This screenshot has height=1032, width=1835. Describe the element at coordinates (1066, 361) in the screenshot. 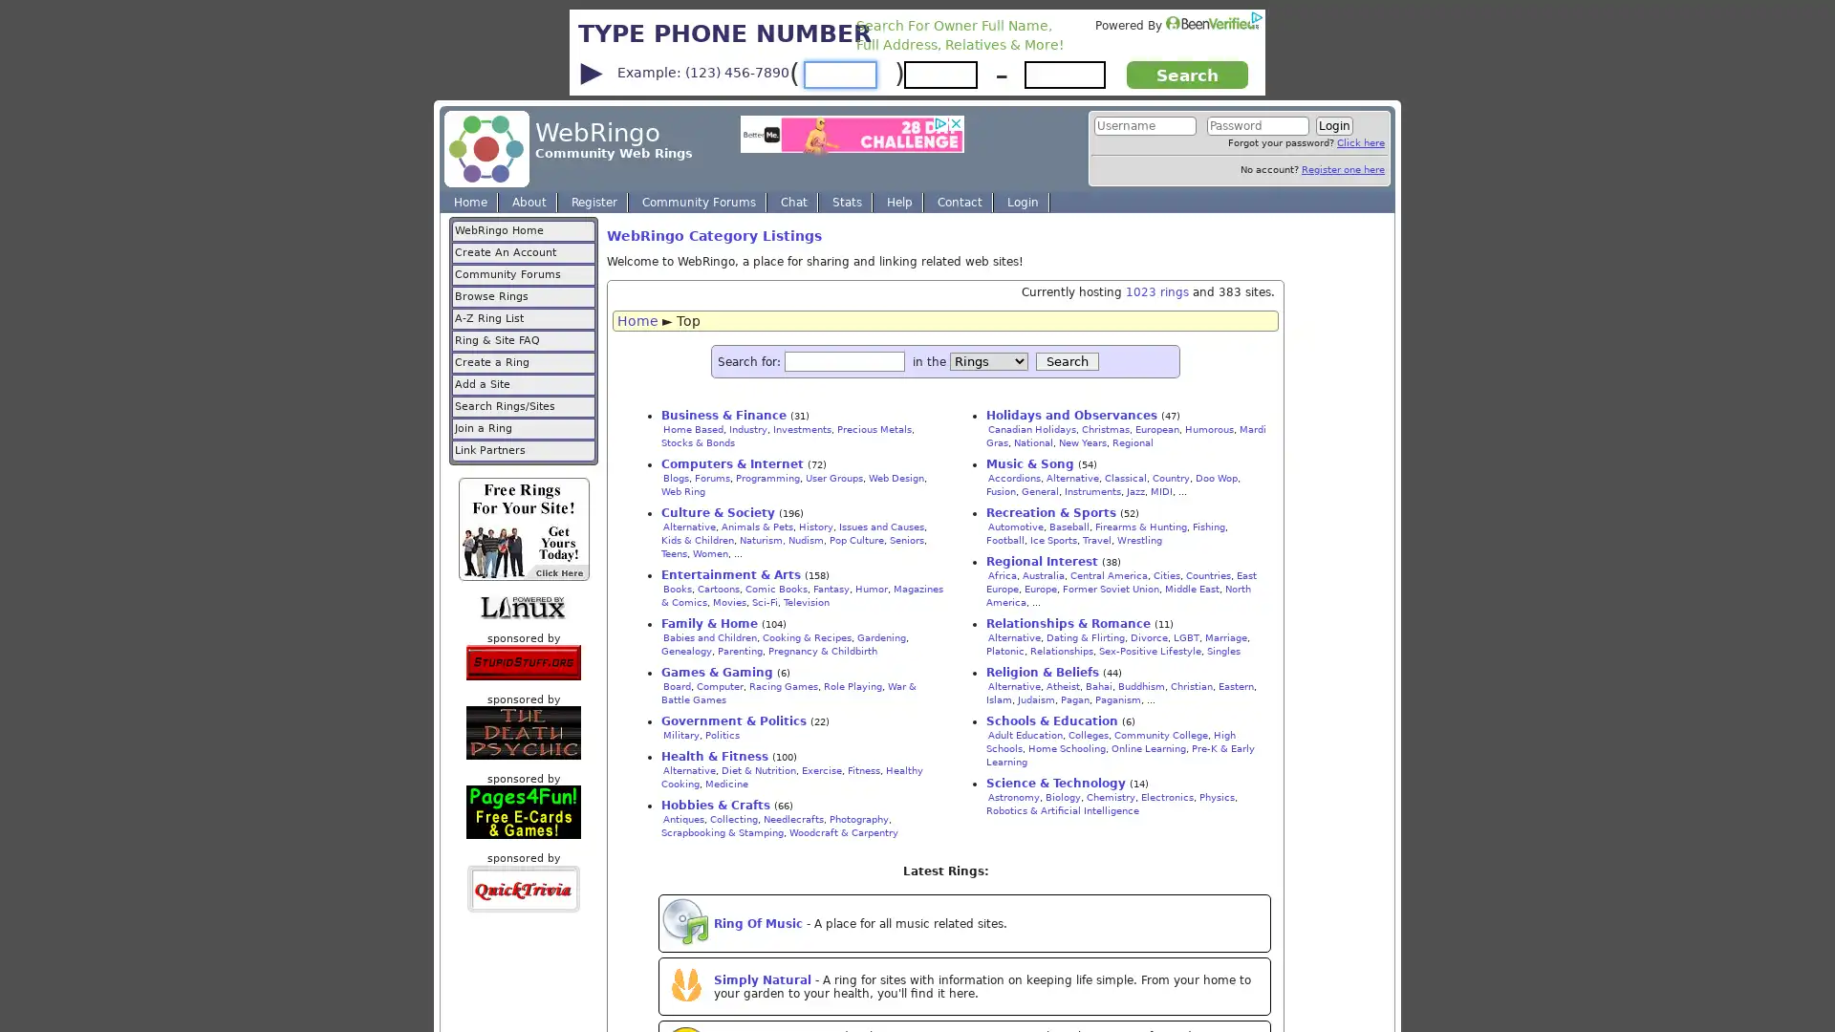

I see `Search` at that location.